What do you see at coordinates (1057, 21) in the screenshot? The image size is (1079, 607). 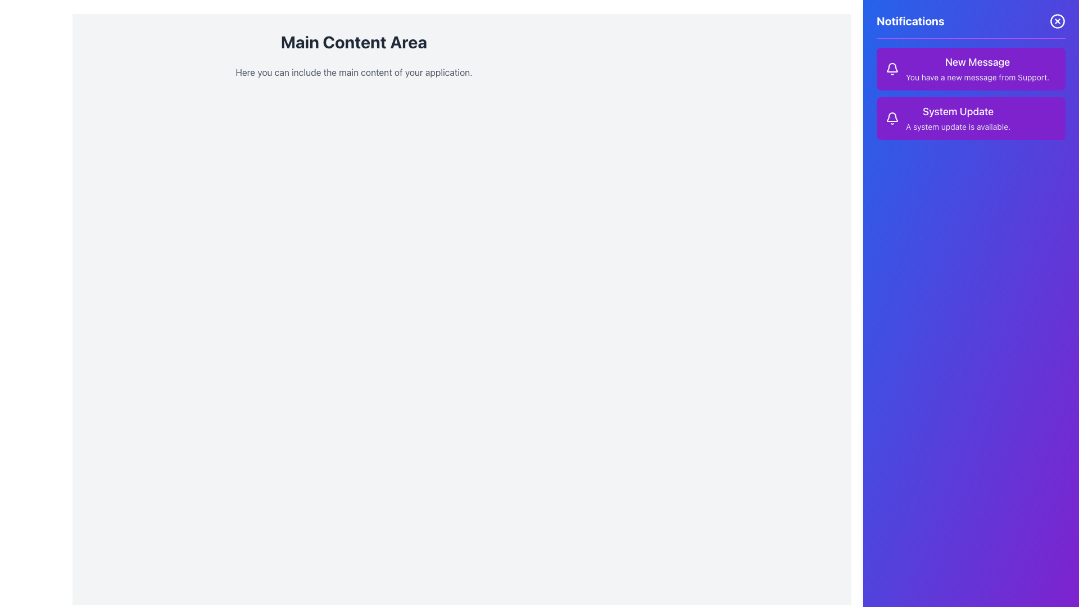 I see `the SVG Circle element located at the top-right corner of the notification sidebar, which serves as a decorative part of the close button for notifications` at bounding box center [1057, 21].